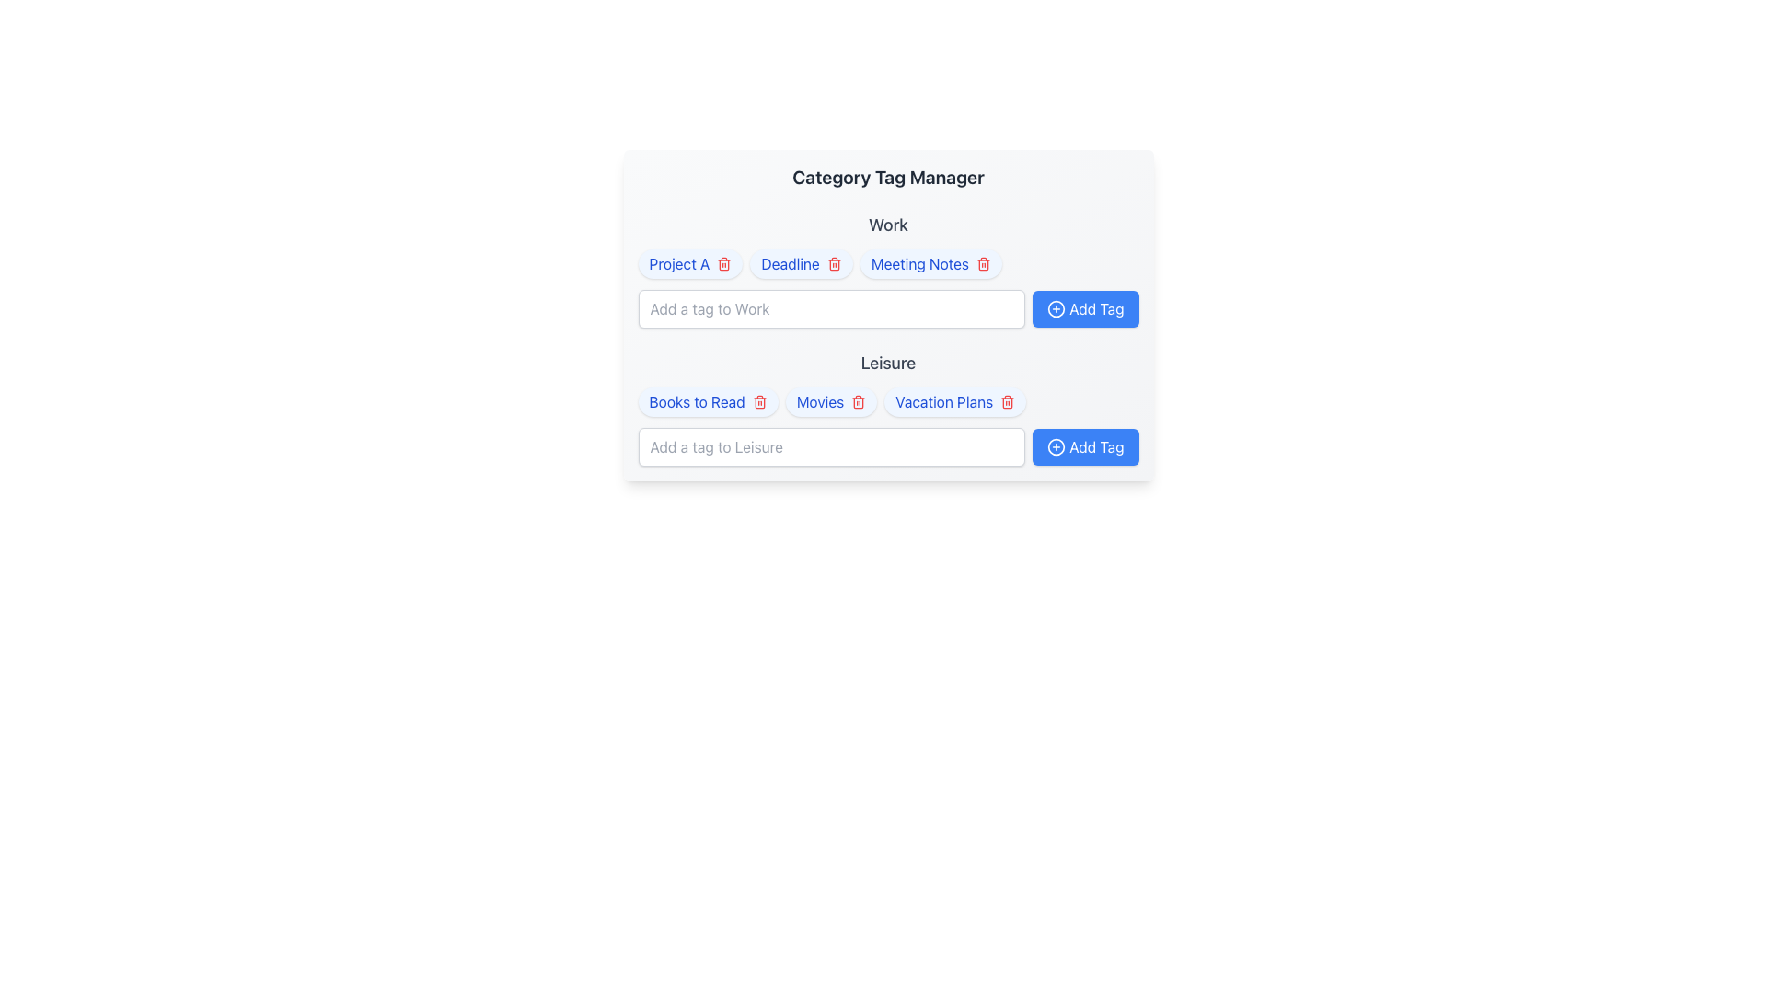 This screenshot has width=1767, height=994. I want to click on the first text label in the 'Leisure' category, which indicates a tag related to books to read, so click(696, 400).